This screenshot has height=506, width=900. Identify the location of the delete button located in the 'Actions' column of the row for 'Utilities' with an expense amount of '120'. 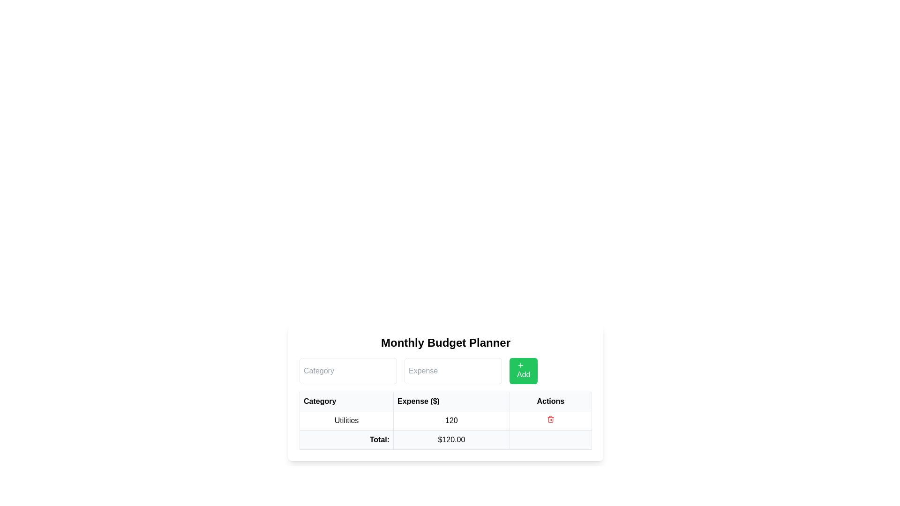
(550, 420).